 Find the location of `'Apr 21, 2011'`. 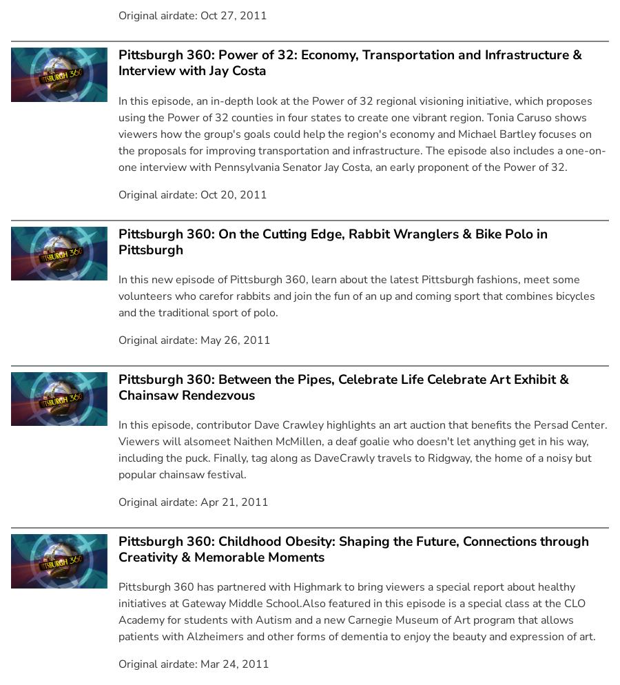

'Apr 21, 2011' is located at coordinates (234, 502).